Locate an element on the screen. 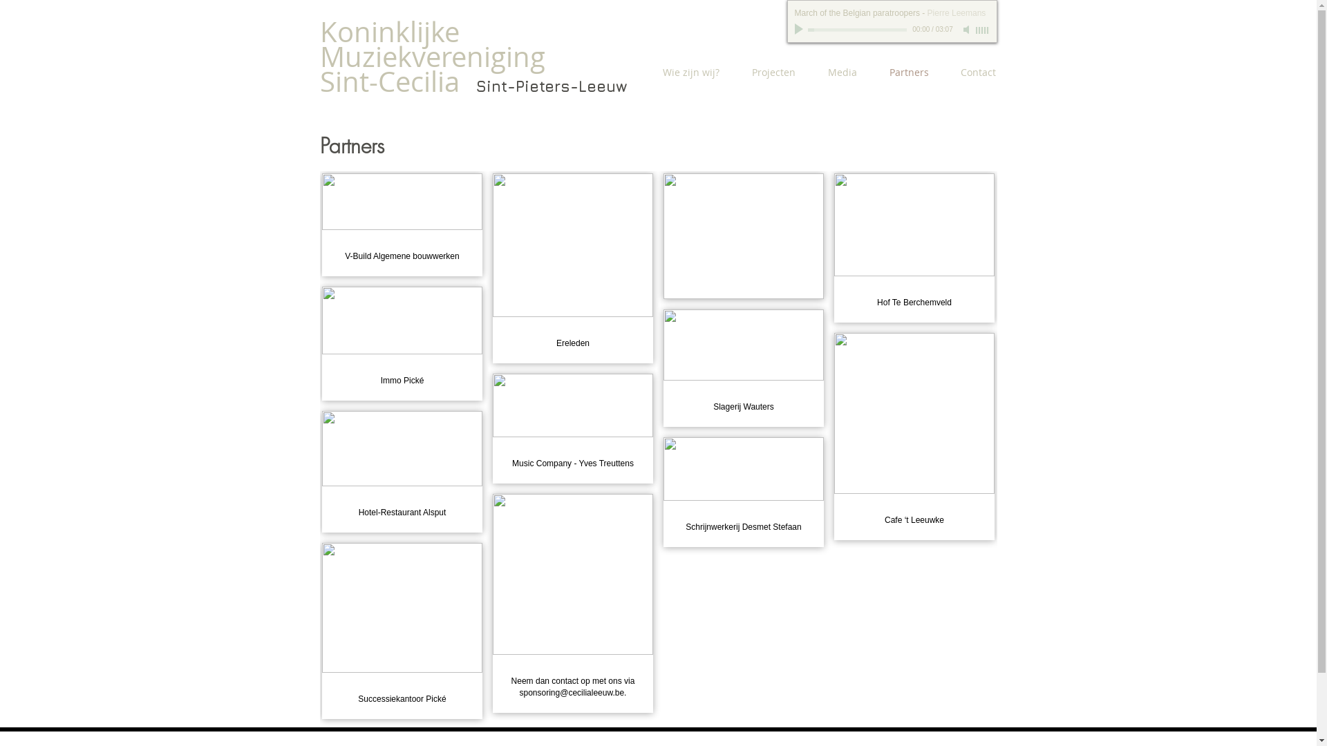 The height and width of the screenshot is (746, 1327). 'Wie zijn wij?' is located at coordinates (639, 72).